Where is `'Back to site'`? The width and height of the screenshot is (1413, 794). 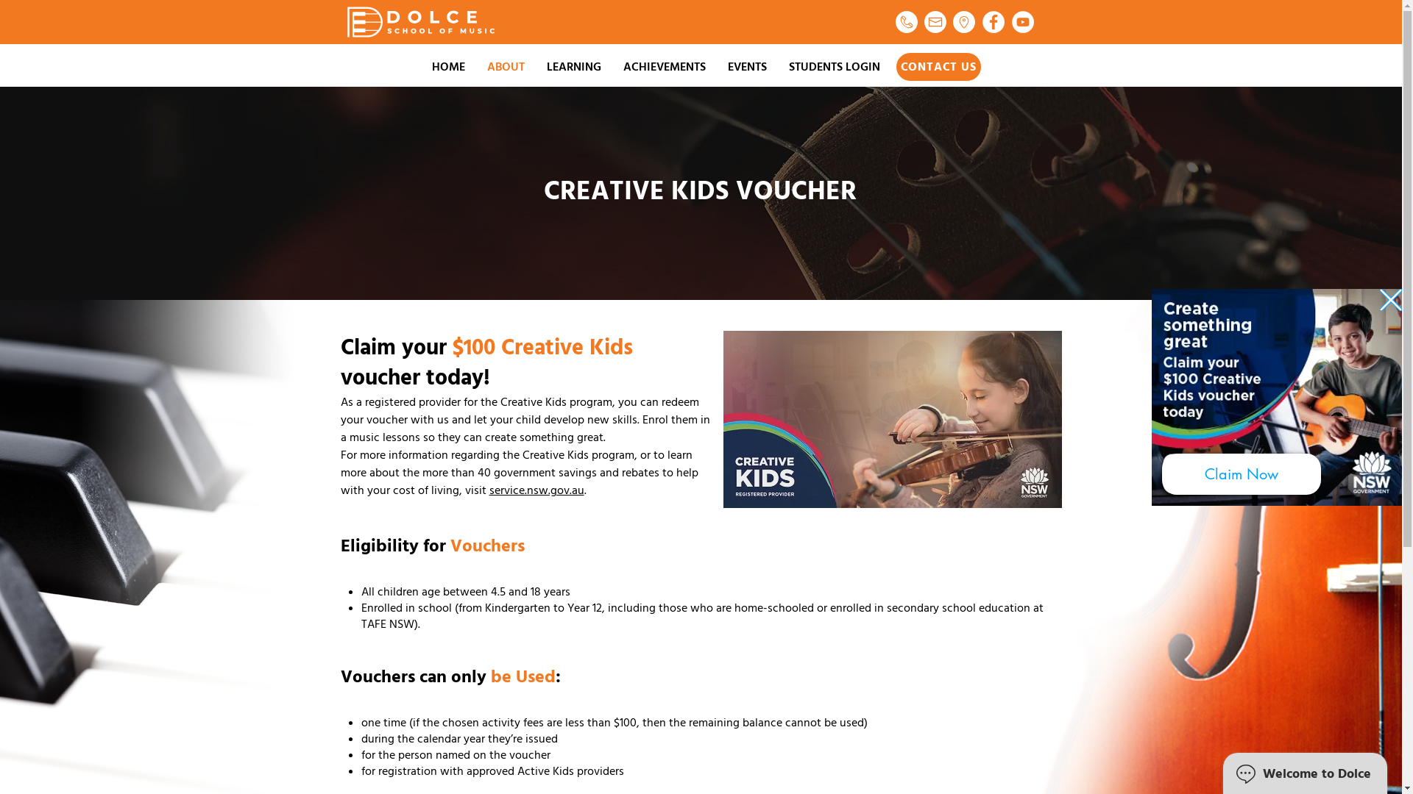 'Back to site' is located at coordinates (1379, 298).